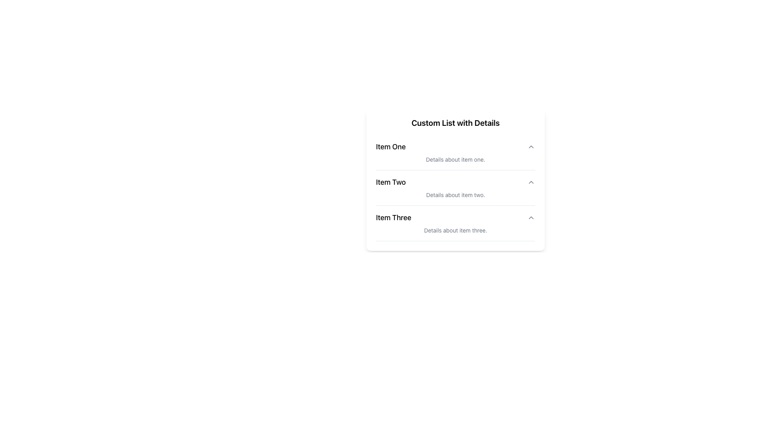  What do you see at coordinates (456, 179) in the screenshot?
I see `the second list item labeled 'Item Two'` at bounding box center [456, 179].